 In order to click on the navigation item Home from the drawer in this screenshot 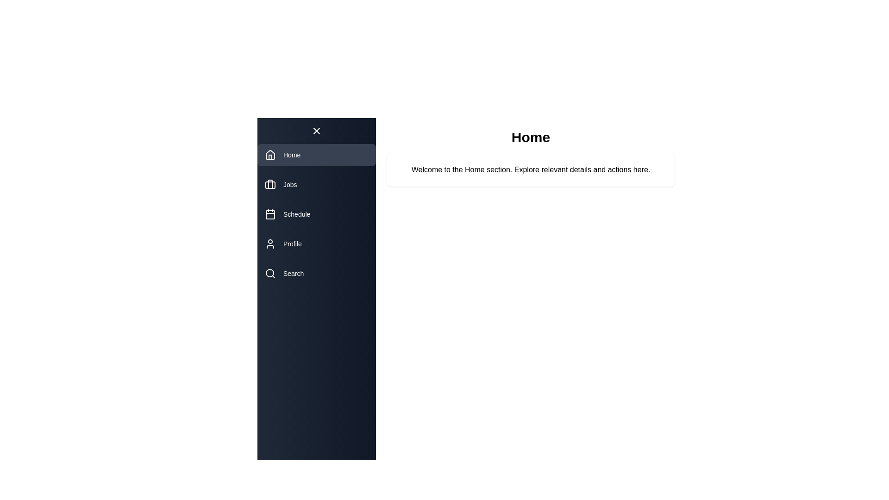, I will do `click(317, 155)`.